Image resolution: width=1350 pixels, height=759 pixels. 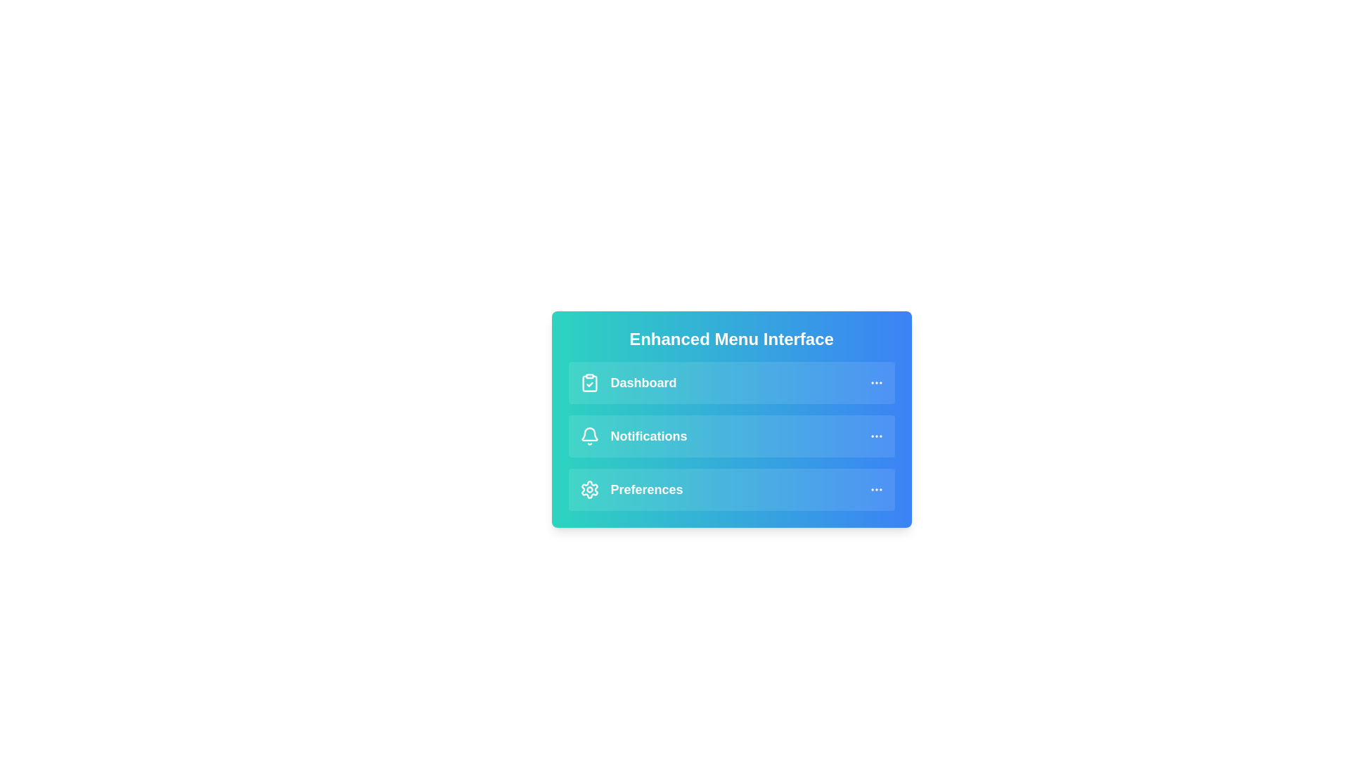 I want to click on the 'Dashboard' menu item, which is the first item in the vertical list and features a clipboard icon with a checkmark and bold white text against a gradient blue background, so click(x=627, y=382).